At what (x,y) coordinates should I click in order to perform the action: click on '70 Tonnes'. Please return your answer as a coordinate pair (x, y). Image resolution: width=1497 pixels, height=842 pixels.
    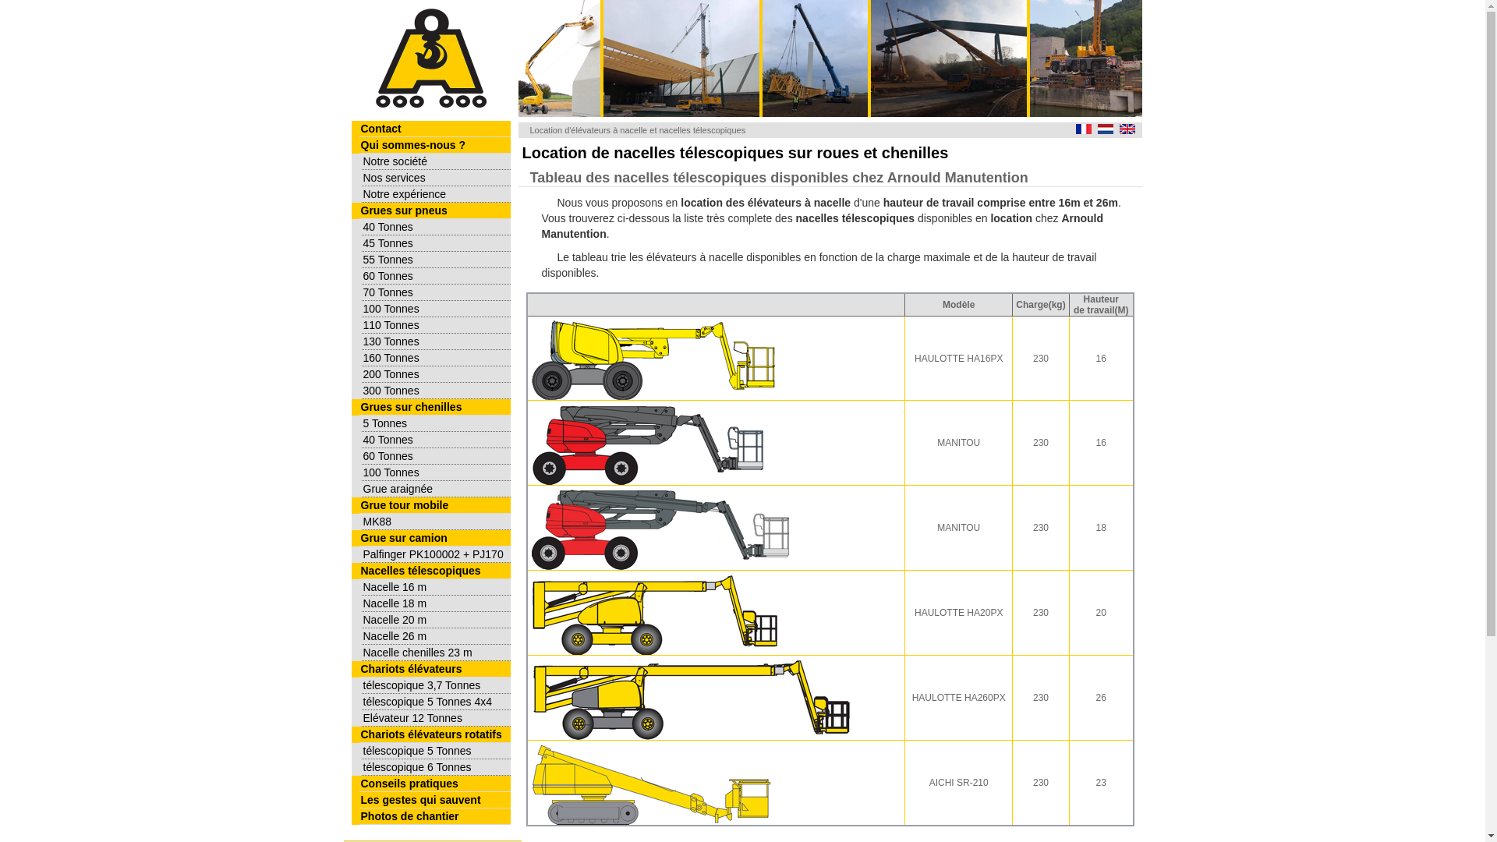
    Looking at the image, I should click on (436, 292).